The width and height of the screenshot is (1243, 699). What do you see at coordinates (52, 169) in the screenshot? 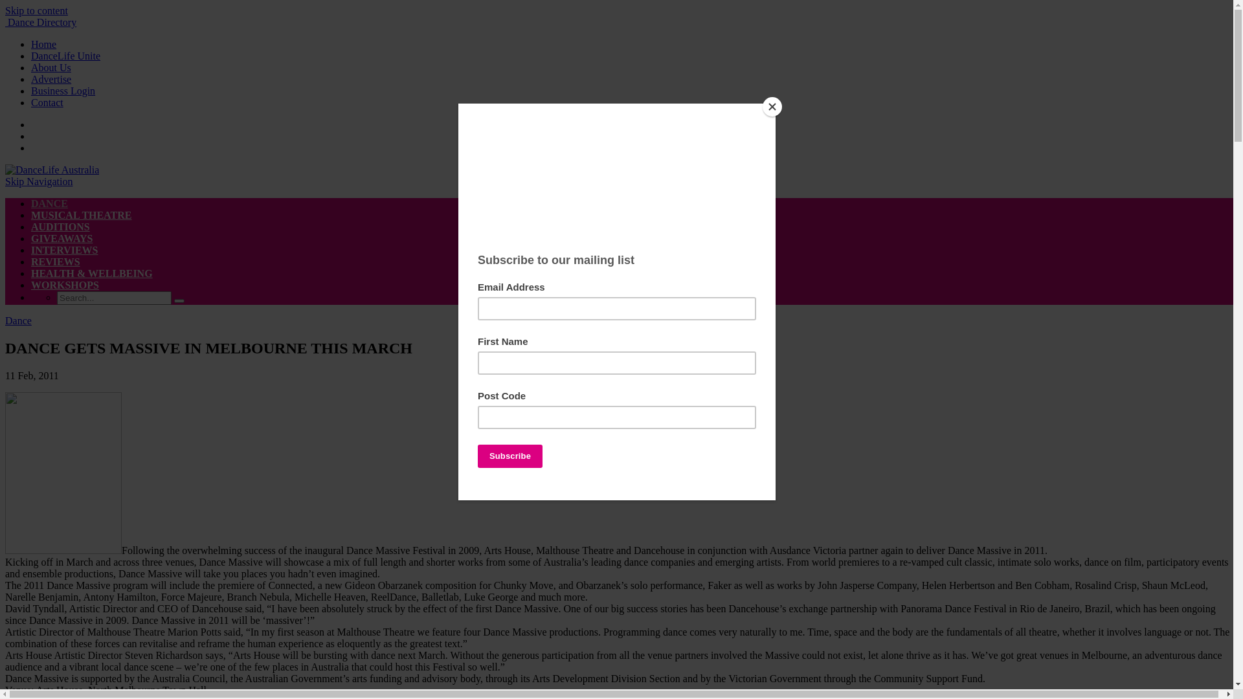
I see `'DanceLife Australia'` at bounding box center [52, 169].